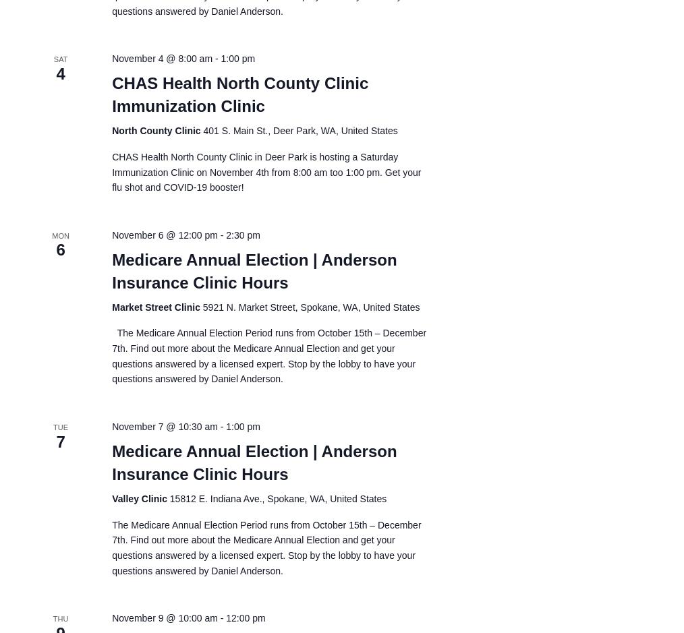 The height and width of the screenshot is (633, 684). What do you see at coordinates (163, 425) in the screenshot?
I see `'November 7 @ 10:30 am'` at bounding box center [163, 425].